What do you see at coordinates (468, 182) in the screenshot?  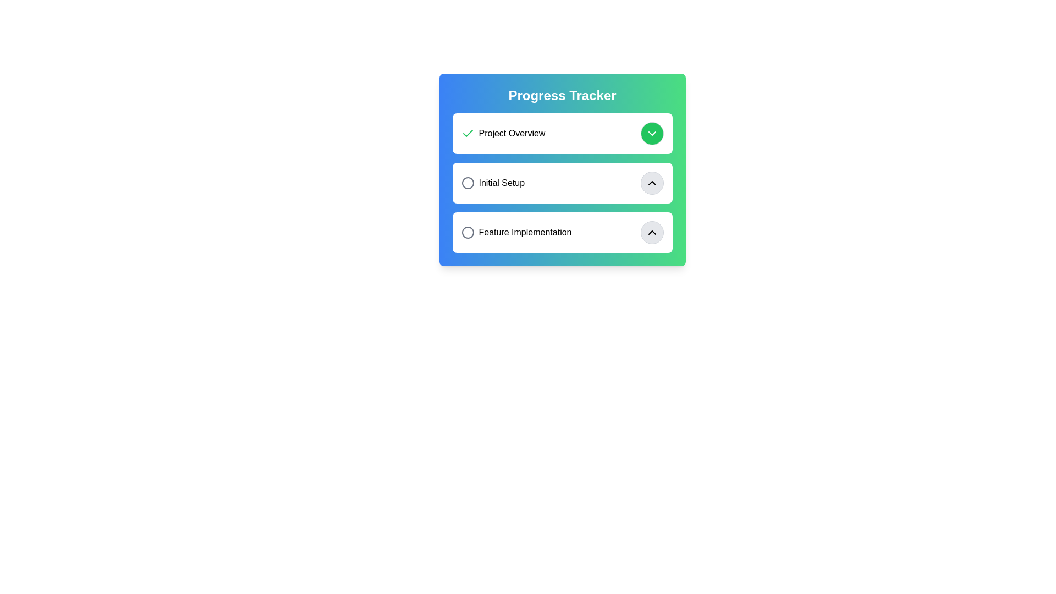 I see `the circular SVG graphic with a gray border located next to the 'Initial Setup' text under the 'Progress Tracker' heading` at bounding box center [468, 182].